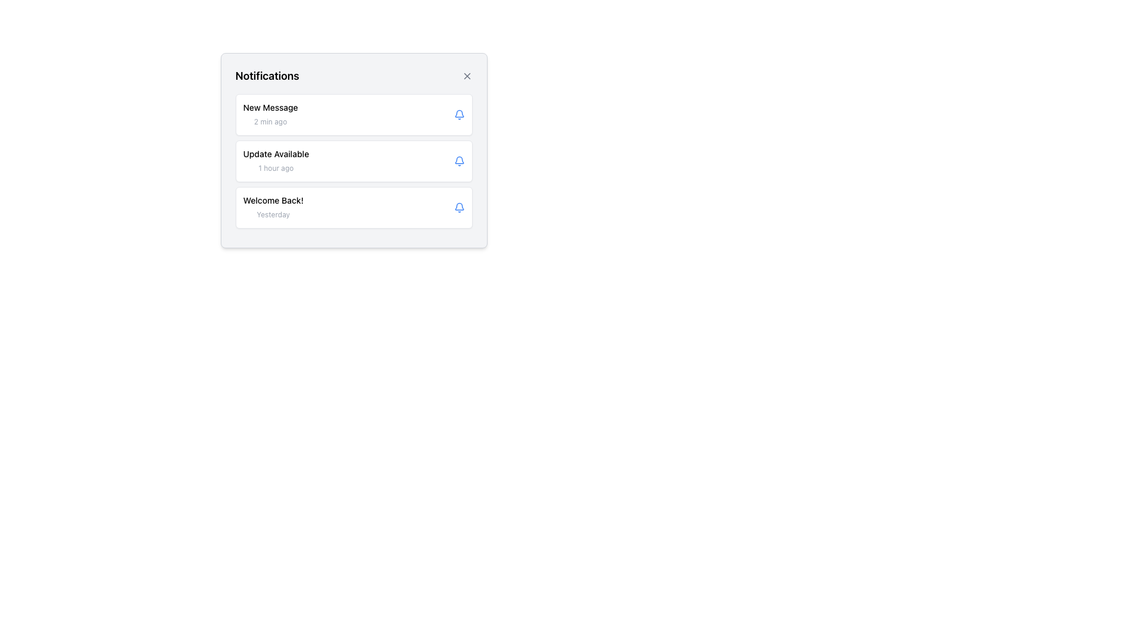 The height and width of the screenshot is (643, 1143). Describe the element at coordinates (466, 76) in the screenshot. I see `the Close Icon located at the top-right corner of the notification dialog box, which serves as a functional close button` at that location.